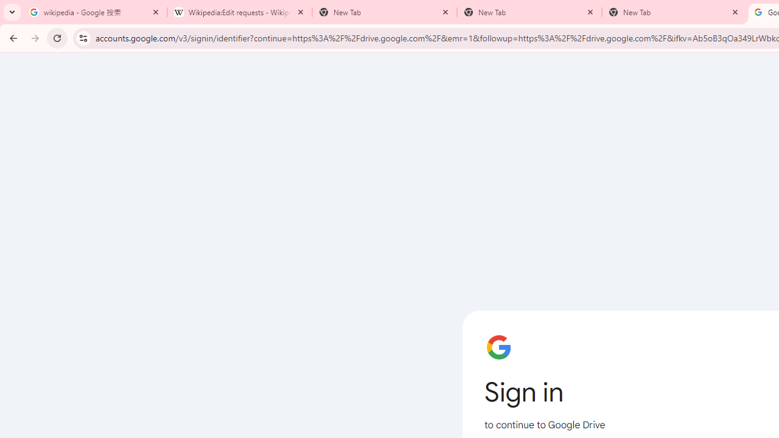  Describe the element at coordinates (57, 37) in the screenshot. I see `'Reload'` at that location.